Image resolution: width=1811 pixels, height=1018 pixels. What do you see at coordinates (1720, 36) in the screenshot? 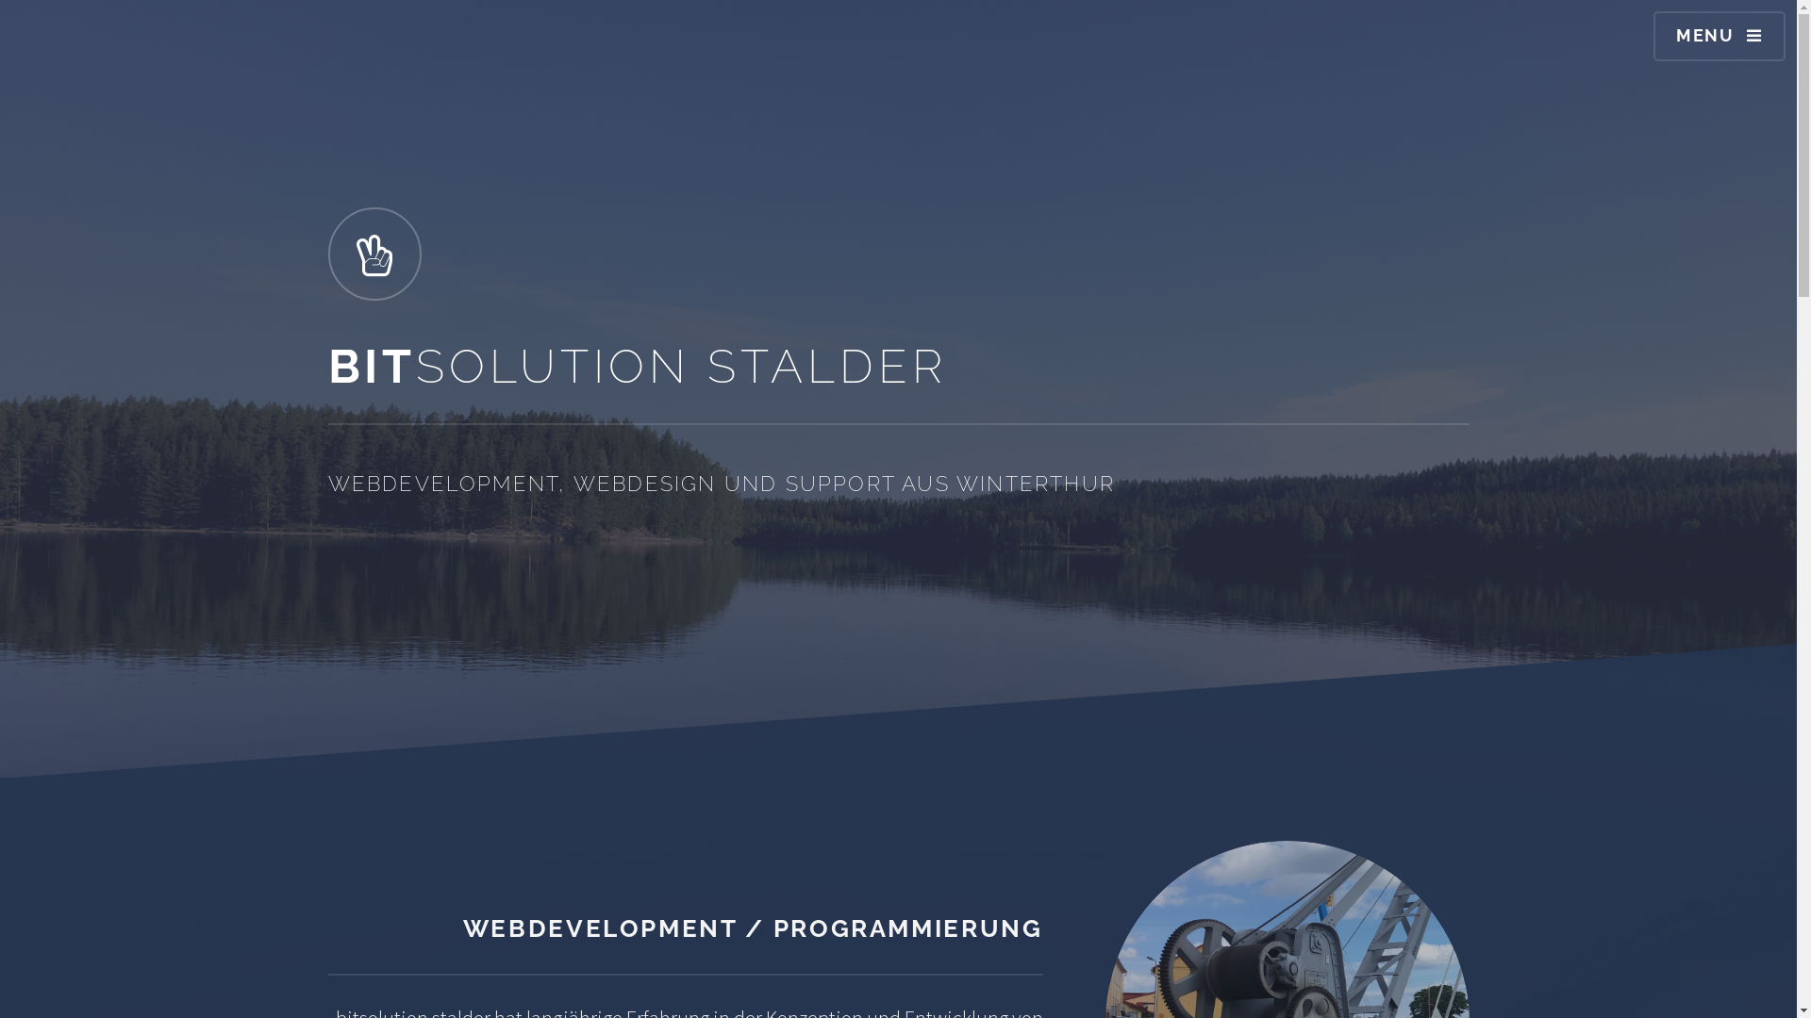
I see `'MENU'` at bounding box center [1720, 36].